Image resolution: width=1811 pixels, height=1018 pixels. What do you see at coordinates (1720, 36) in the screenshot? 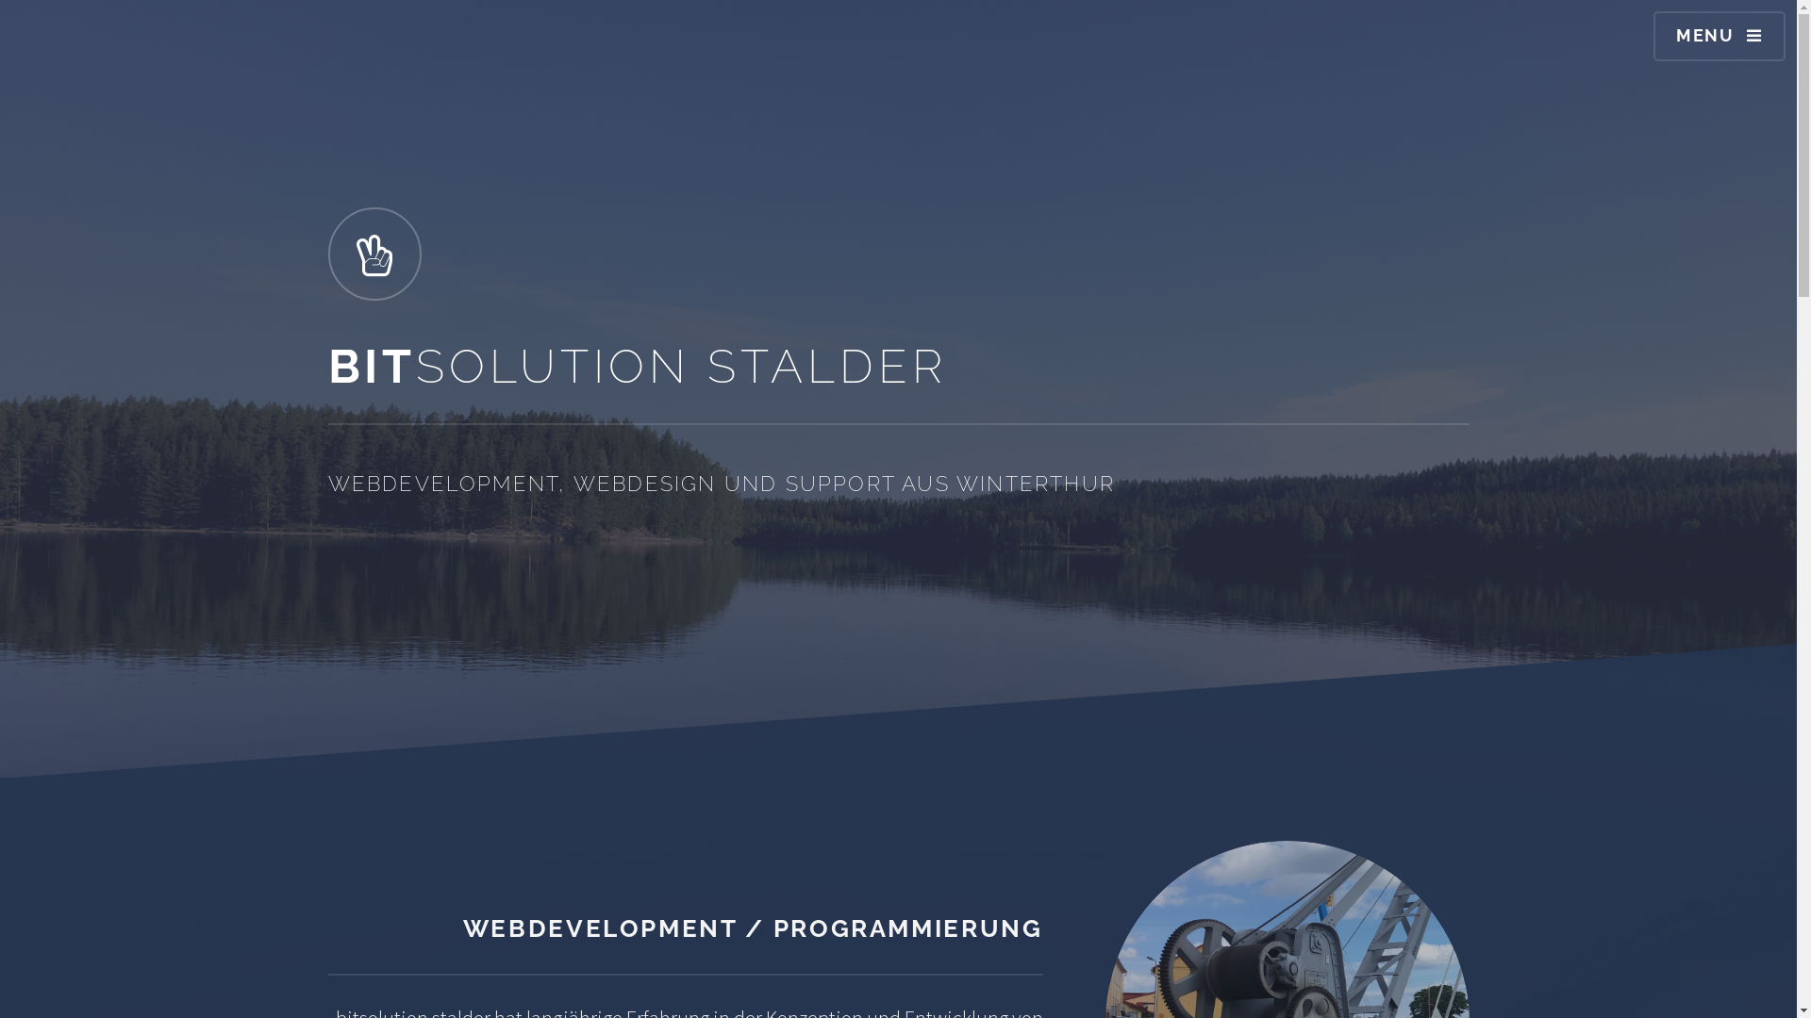
I see `'MENU'` at bounding box center [1720, 36].